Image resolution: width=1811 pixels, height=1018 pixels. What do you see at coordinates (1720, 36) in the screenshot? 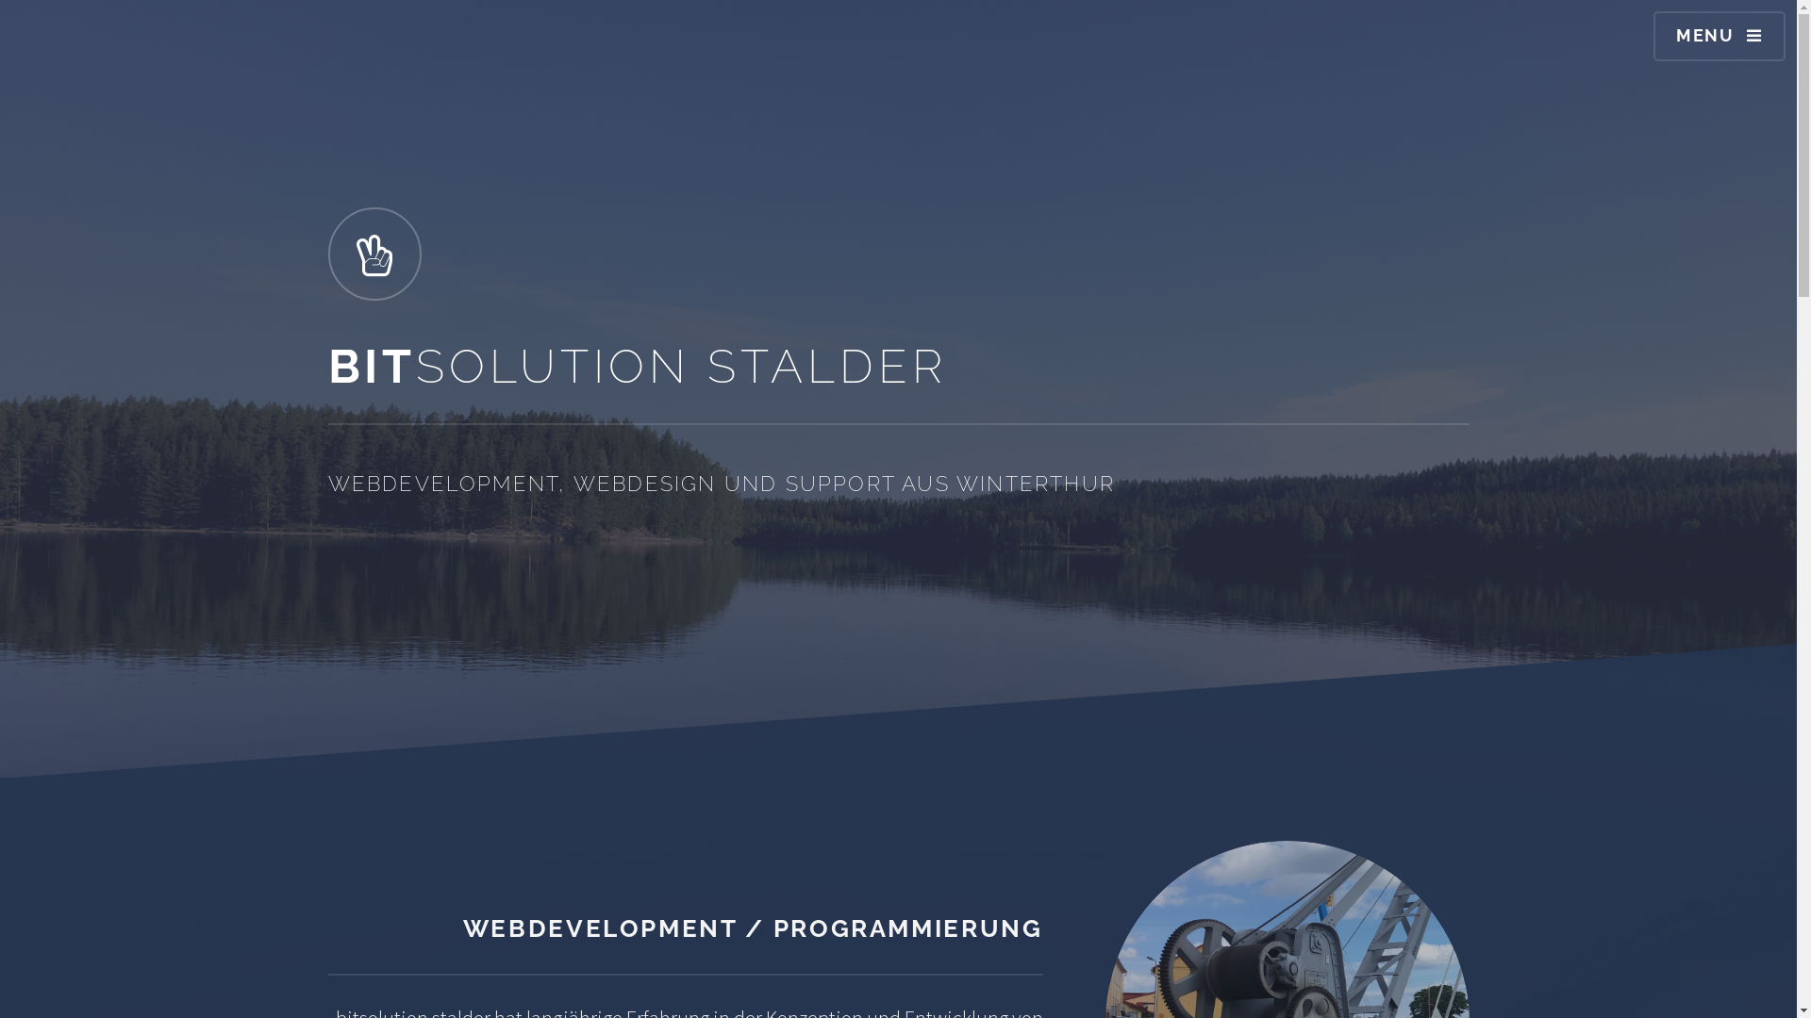
I see `'MENU'` at bounding box center [1720, 36].